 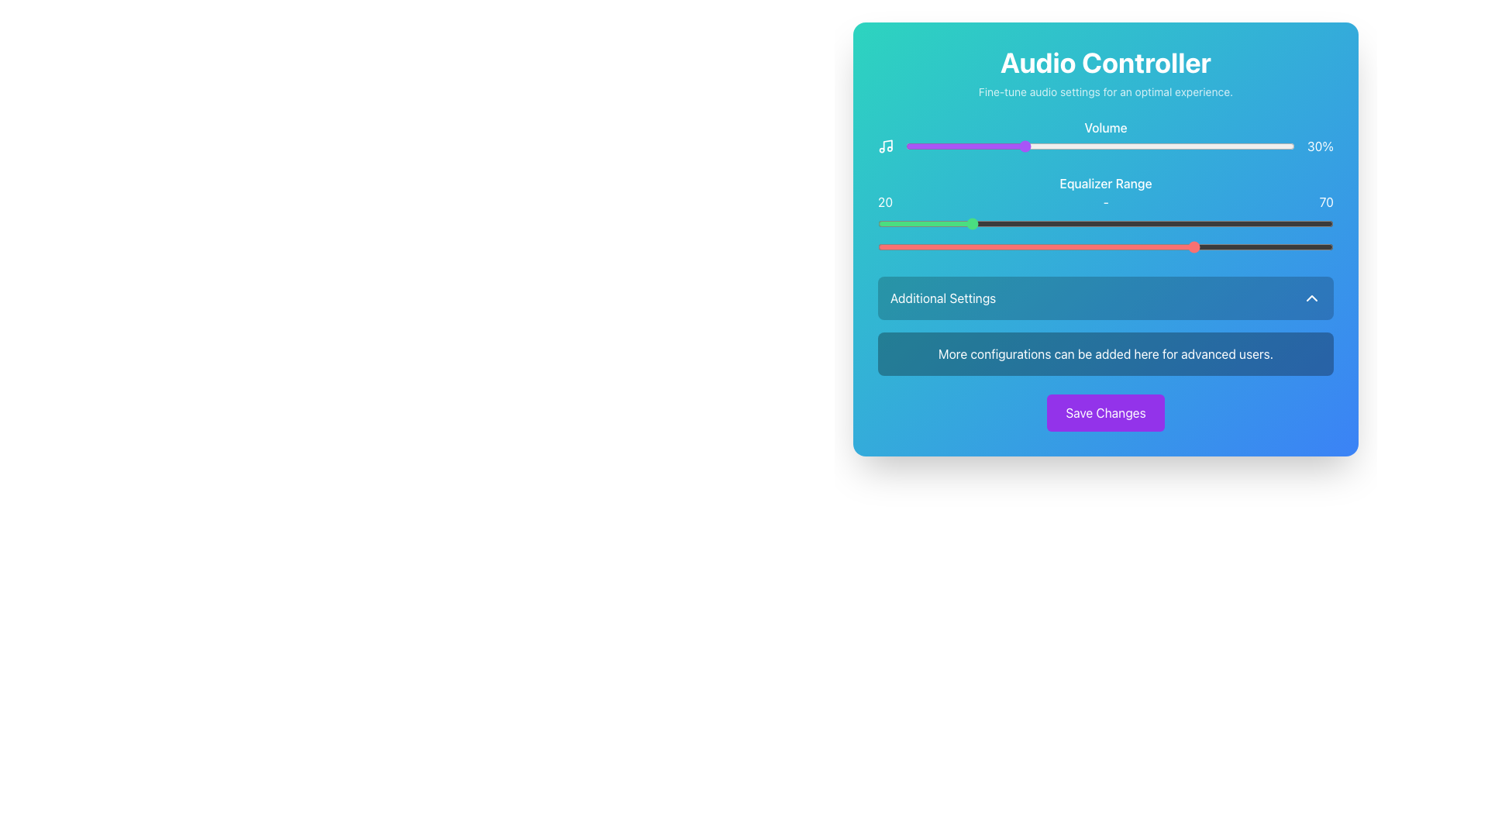 What do you see at coordinates (1104, 412) in the screenshot?
I see `the 'Save Changes' button with a purple background and white text, located at the bottom of the panel for accessibility navigation` at bounding box center [1104, 412].